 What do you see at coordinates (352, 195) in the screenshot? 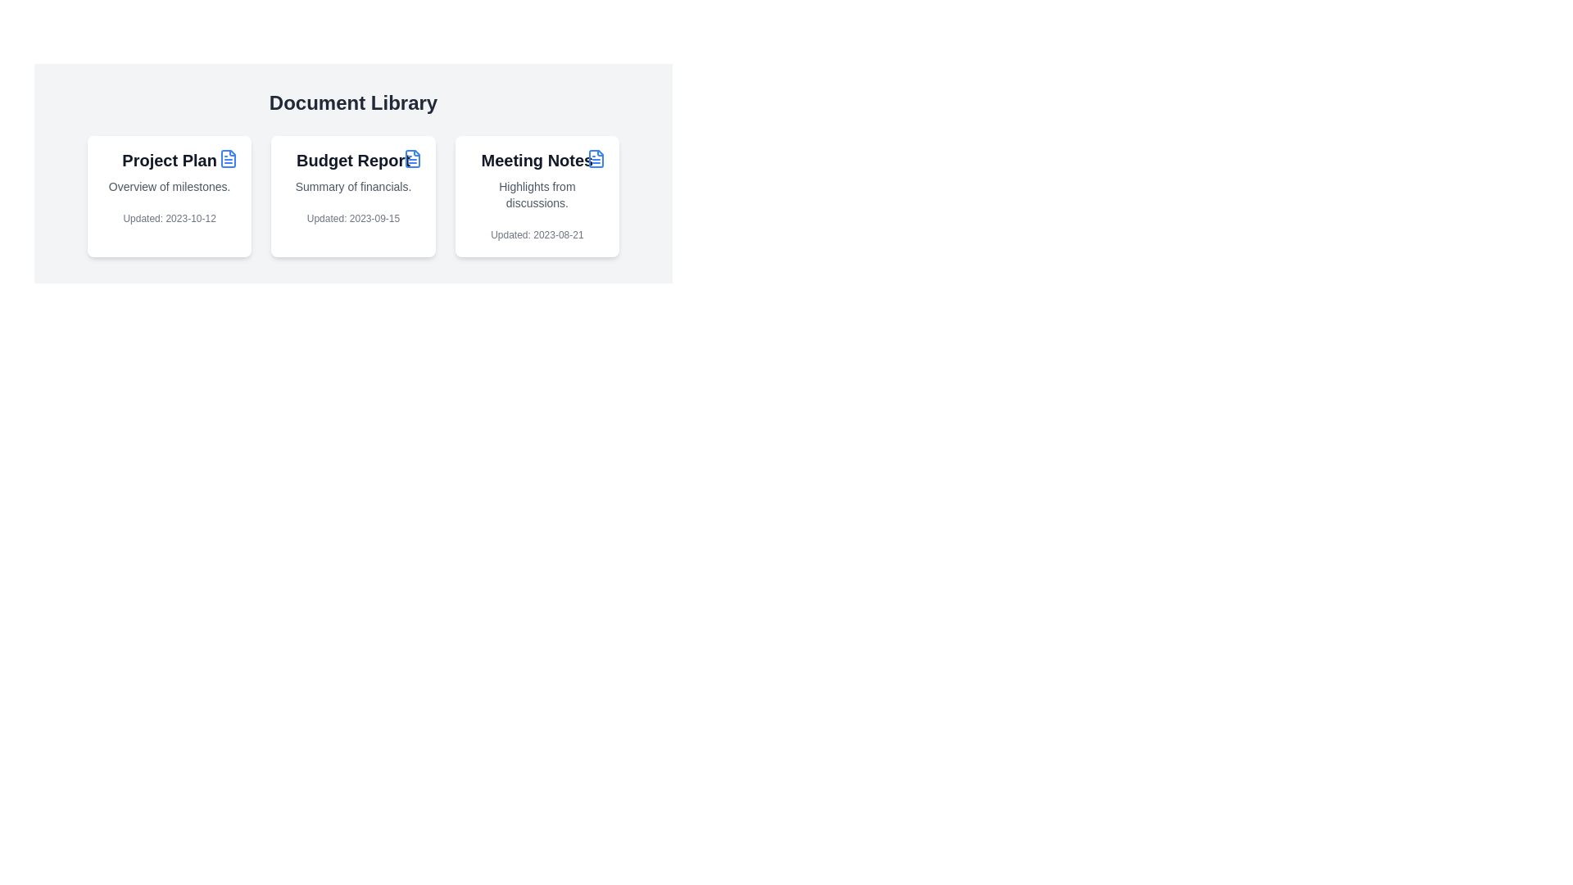
I see `the second Information Card` at bounding box center [352, 195].